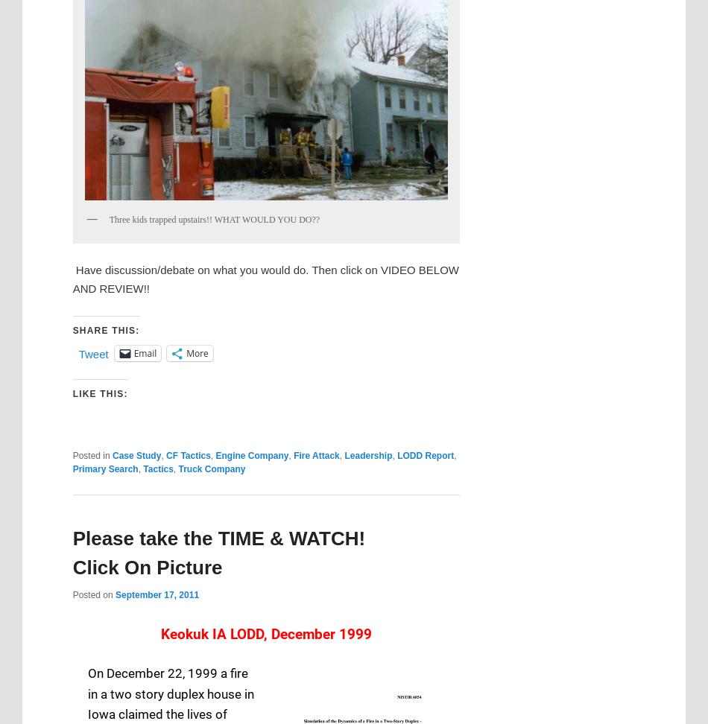 This screenshot has width=708, height=724. I want to click on 'Posted in', so click(90, 455).